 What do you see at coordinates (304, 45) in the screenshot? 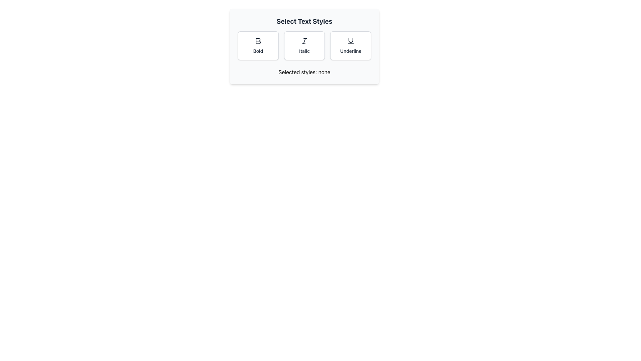
I see `the 'Italic' button, which is the second button in the text styling section` at bounding box center [304, 45].